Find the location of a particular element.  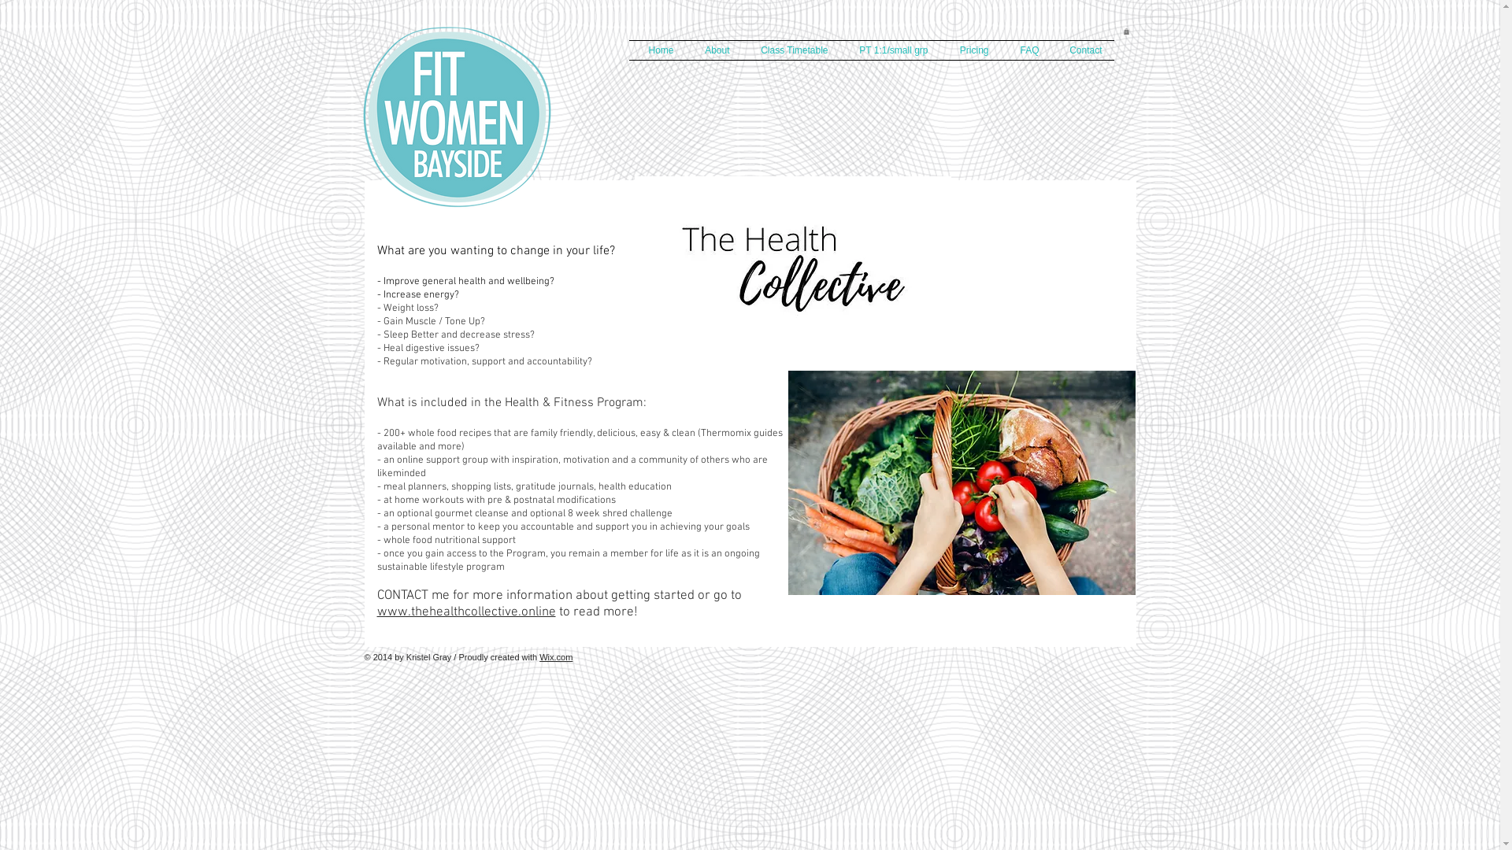

'About' is located at coordinates (684, 50).